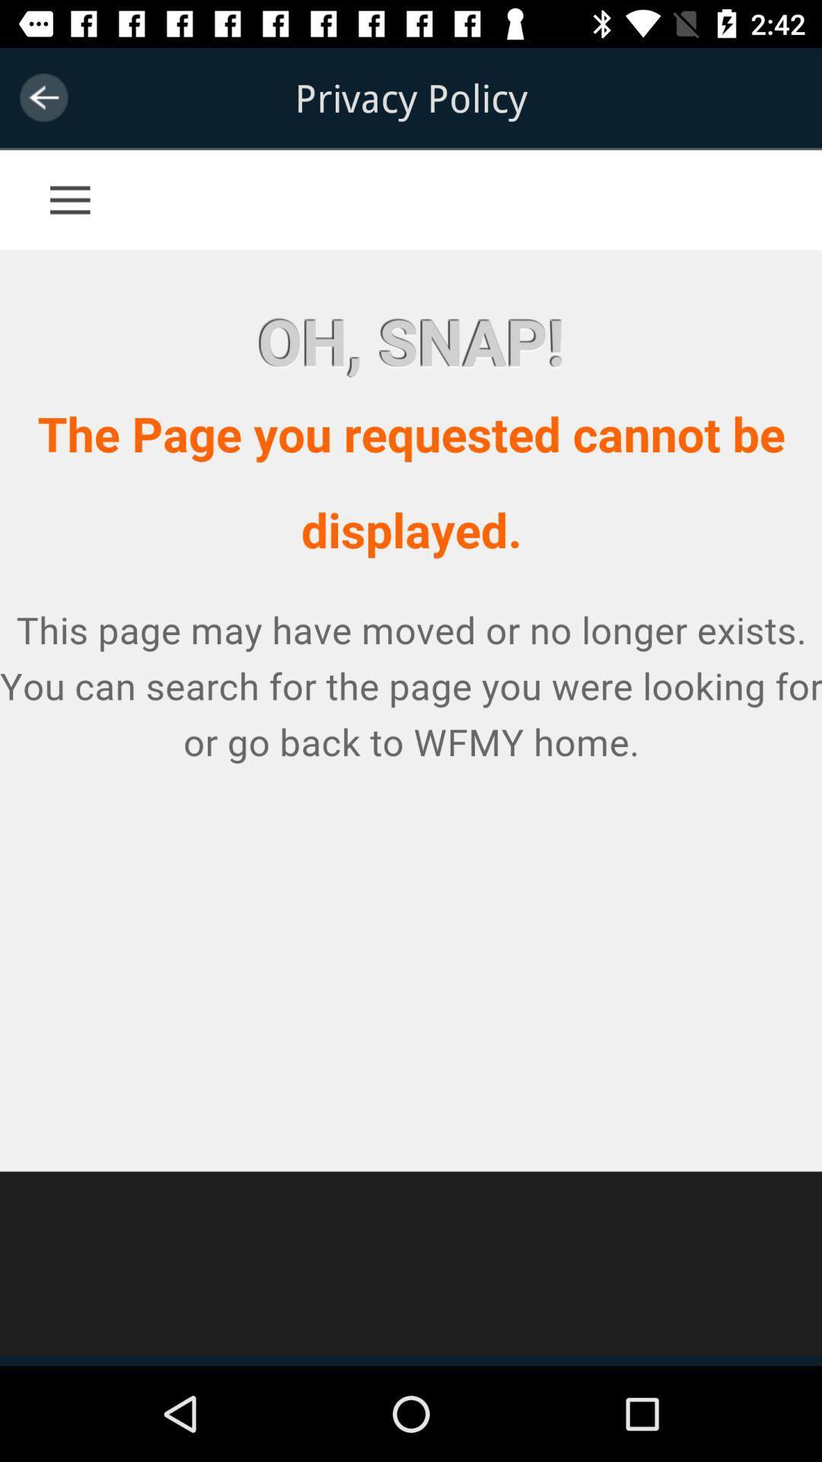  I want to click on the arrow_backward icon, so click(43, 97).